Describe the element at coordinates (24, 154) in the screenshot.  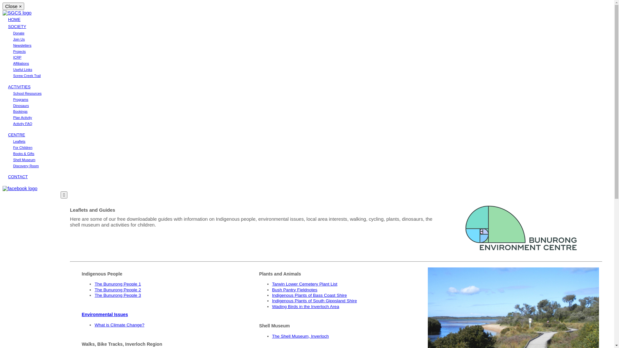
I see `'Books & Gifts'` at that location.